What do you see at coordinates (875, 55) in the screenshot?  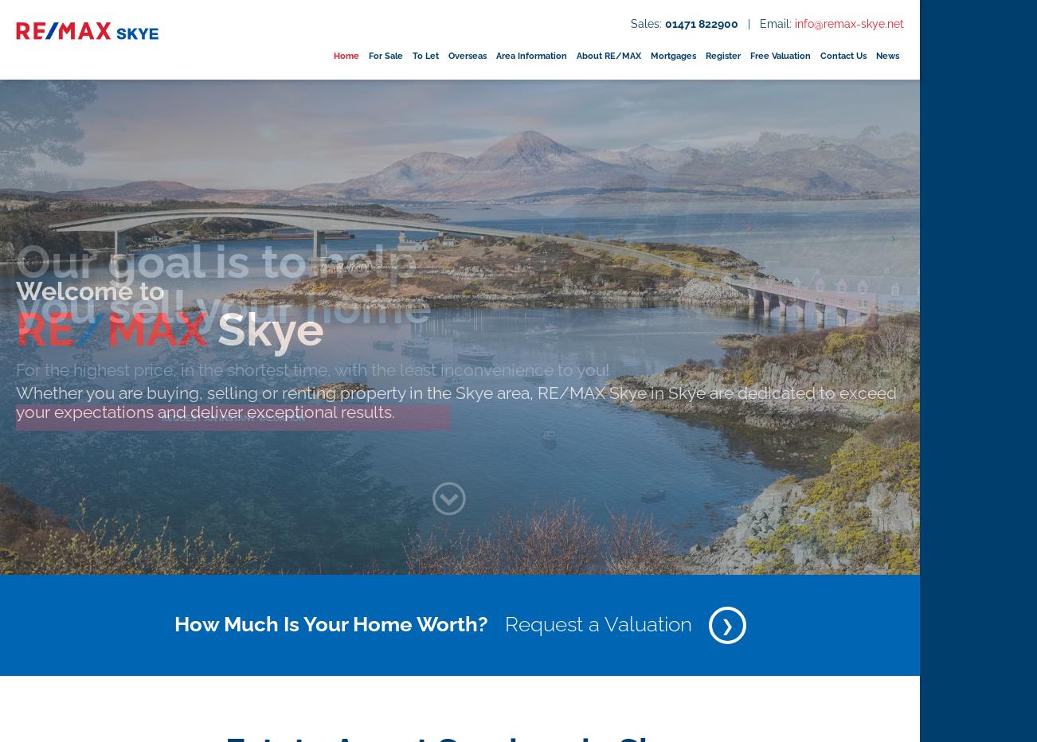 I see `'News'` at bounding box center [875, 55].